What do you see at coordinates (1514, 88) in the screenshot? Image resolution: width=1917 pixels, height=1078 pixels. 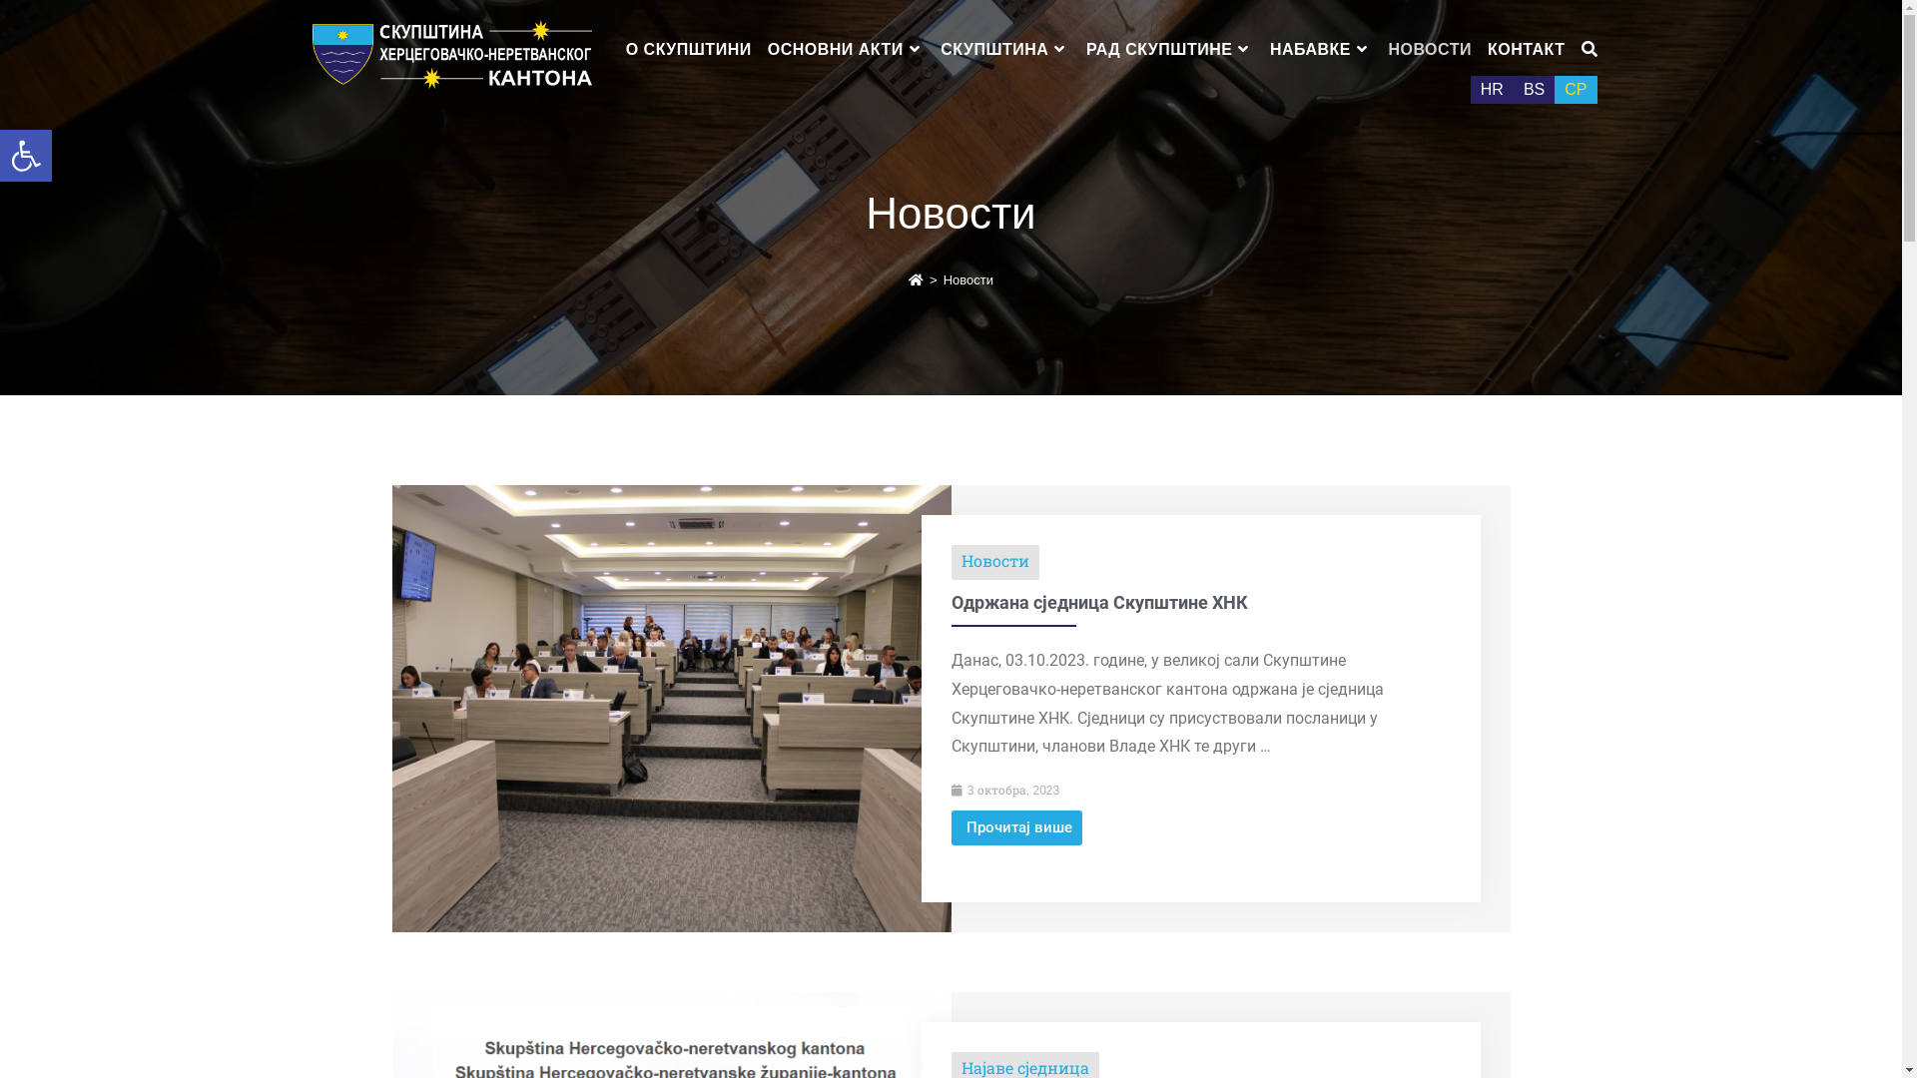 I see `'BS'` at bounding box center [1514, 88].